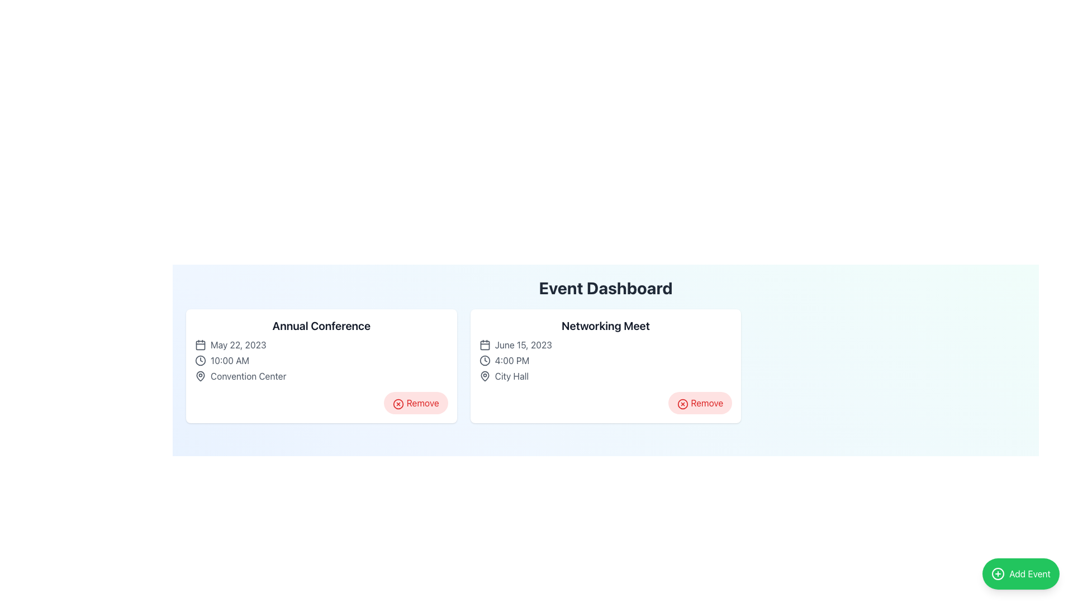 This screenshot has height=603, width=1073. Describe the element at coordinates (682, 404) in the screenshot. I see `the SVG Circle that visually indicates the action of removing the 'Networking Meet' event from the dashboard, located at the center of the 'Remove' button in the bottom-right corner of the event card` at that location.